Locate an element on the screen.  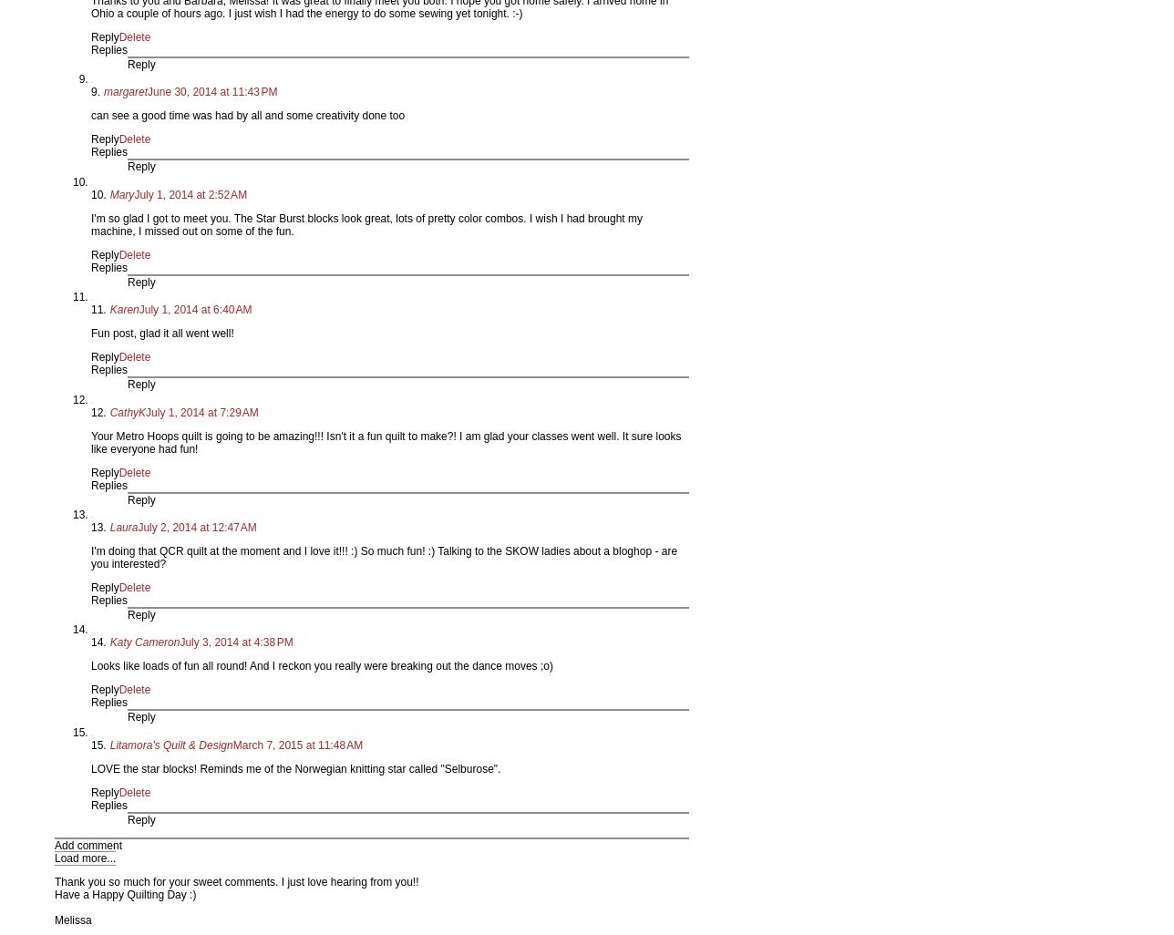
'I'm so glad I got to meet you.  The  Star Burst blocks look great,  lots of pretty color combos.  I wish I had brought my machine, I missed out on some of the fun.' is located at coordinates (366, 224).